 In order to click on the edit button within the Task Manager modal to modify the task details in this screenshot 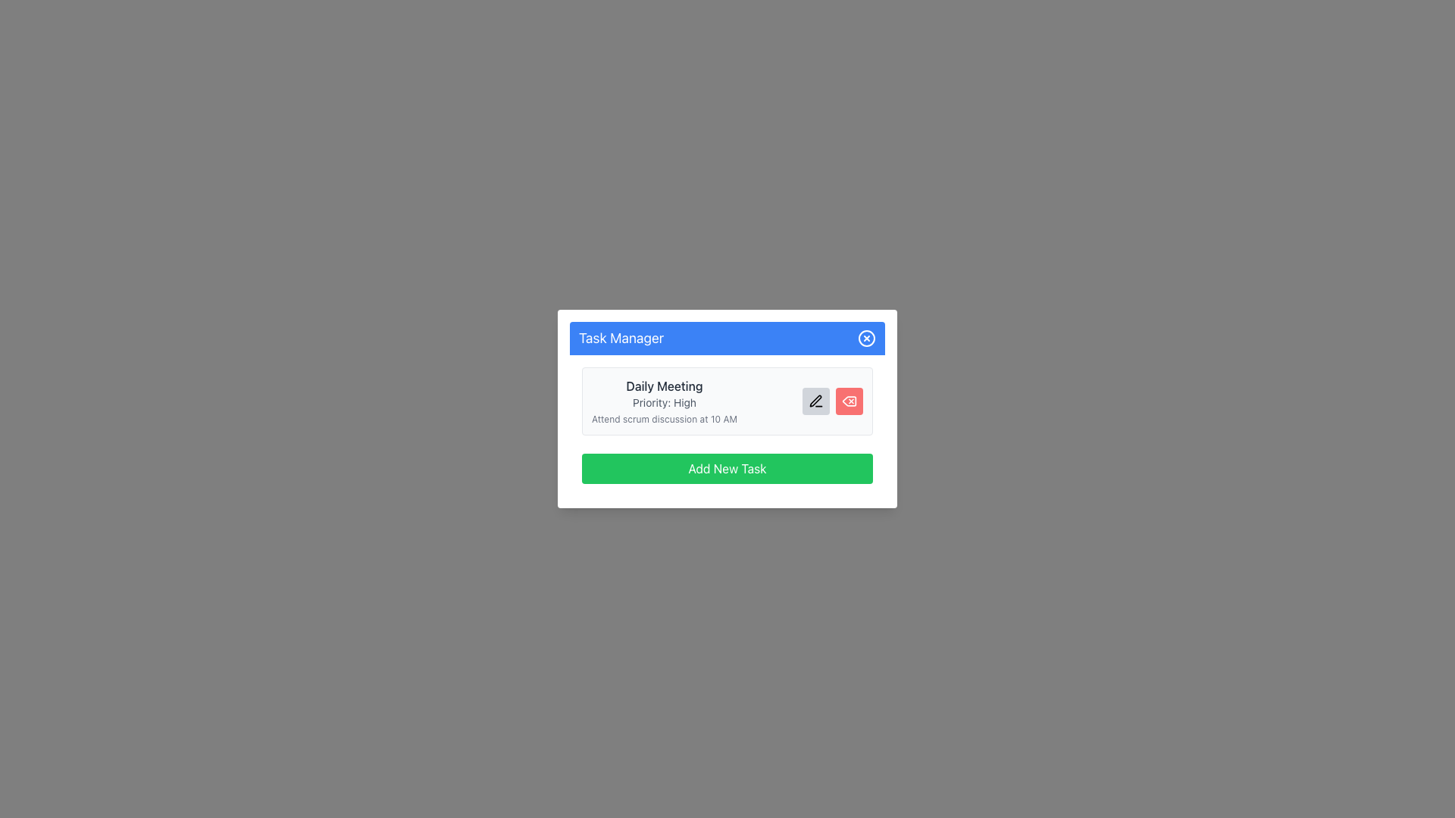, I will do `click(727, 426)`.